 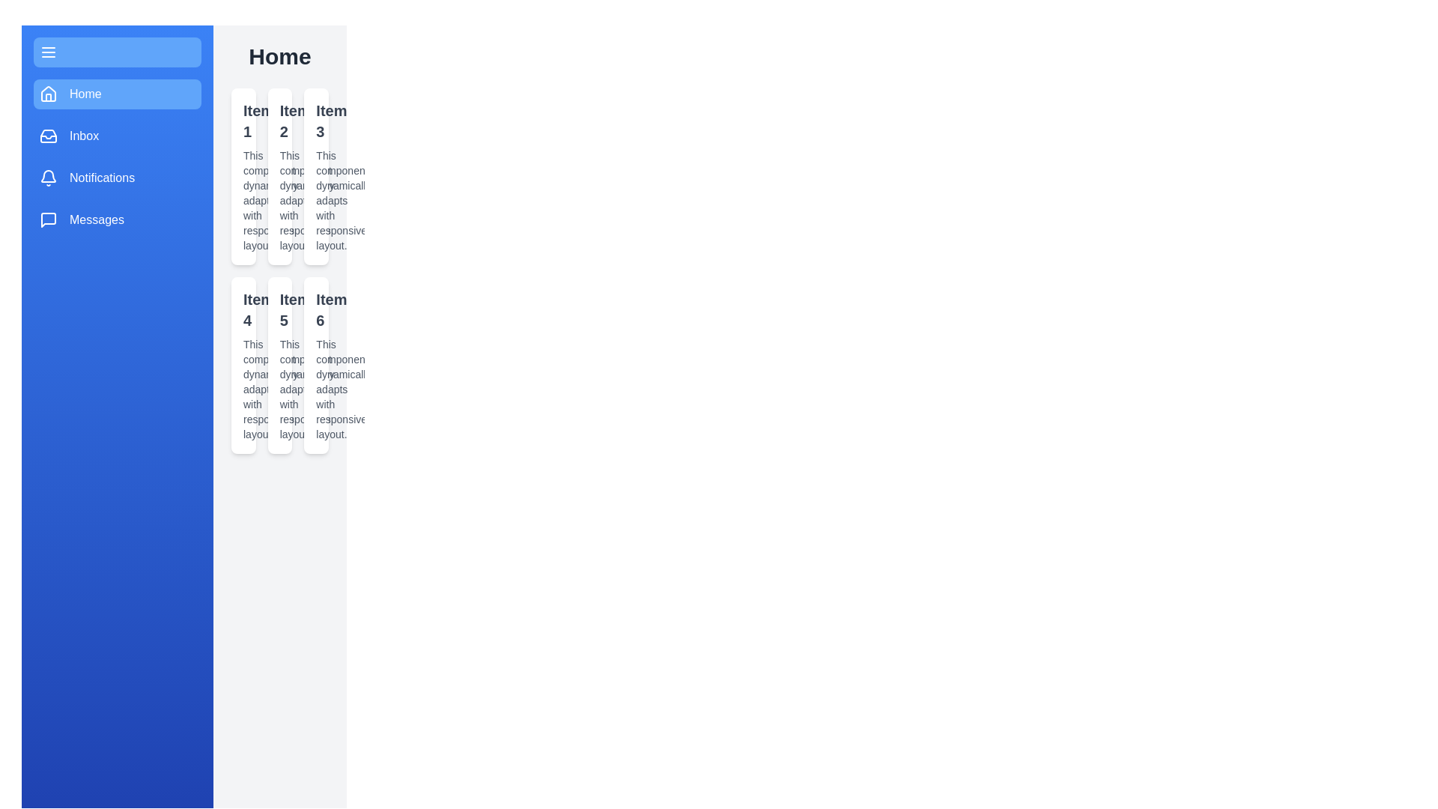 I want to click on the text label providing contextual information about the adaptive nature of the component, located in the lower part of the card labeled 'Item 4', which is the first card in the second row of the grid layout, so click(x=243, y=389).